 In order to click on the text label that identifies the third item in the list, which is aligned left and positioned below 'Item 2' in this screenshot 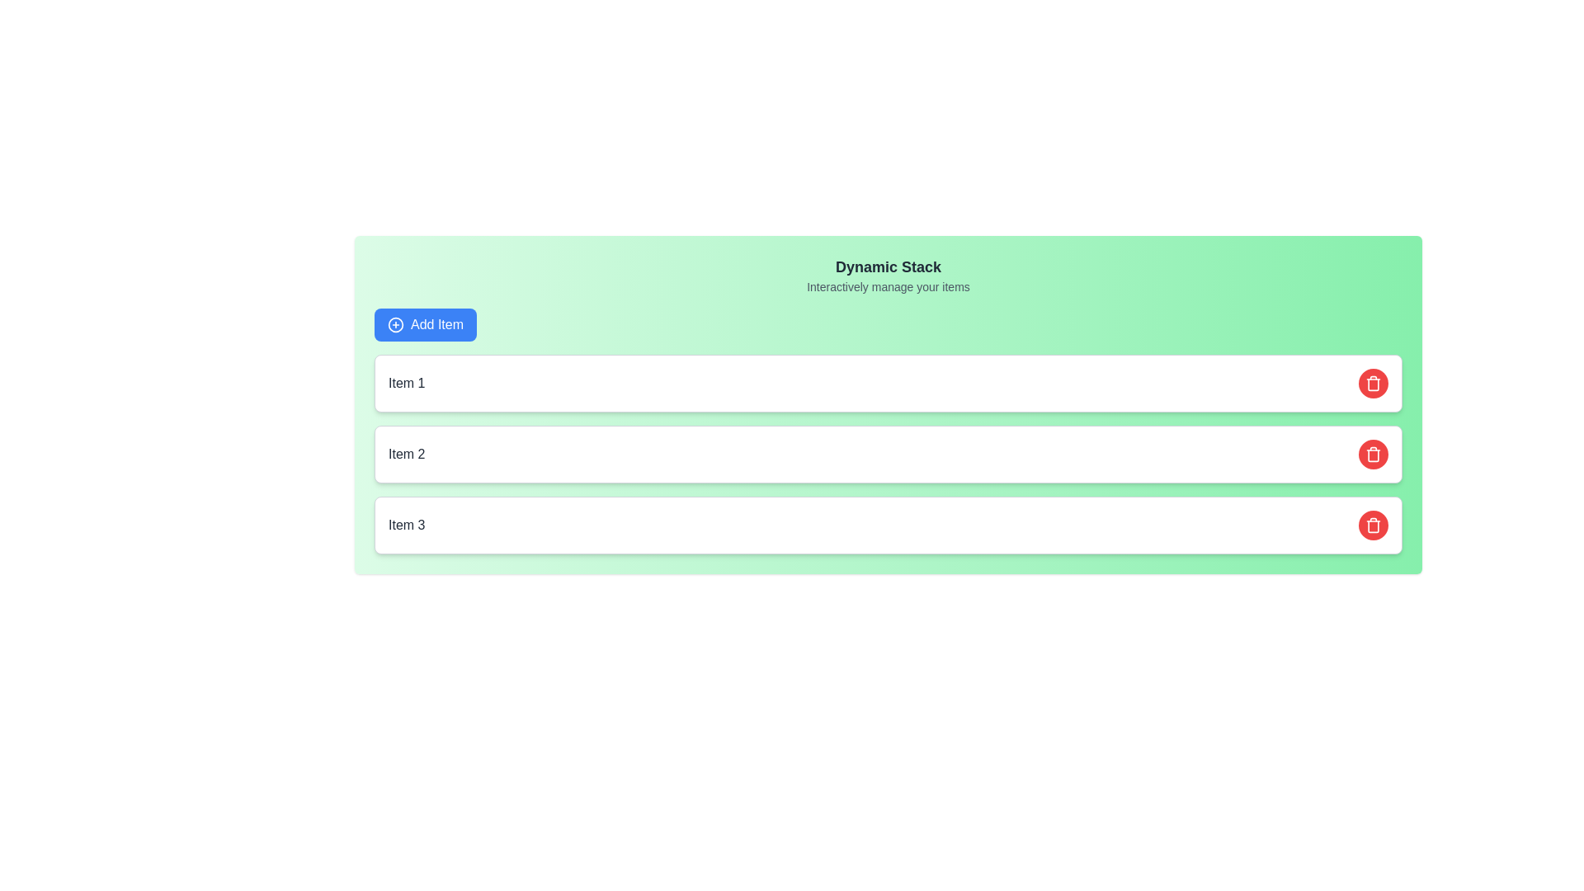, I will do `click(407, 525)`.